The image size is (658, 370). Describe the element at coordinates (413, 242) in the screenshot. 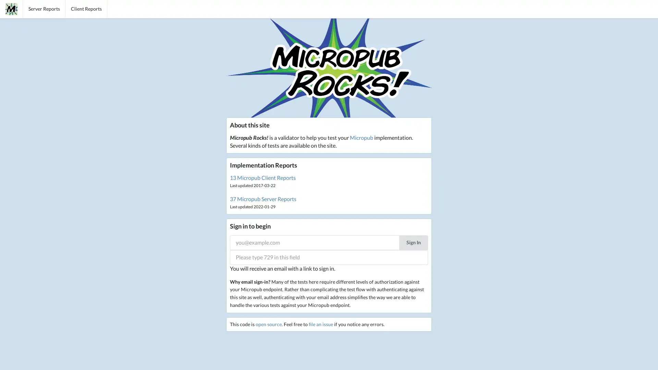

I see `Sign In` at that location.